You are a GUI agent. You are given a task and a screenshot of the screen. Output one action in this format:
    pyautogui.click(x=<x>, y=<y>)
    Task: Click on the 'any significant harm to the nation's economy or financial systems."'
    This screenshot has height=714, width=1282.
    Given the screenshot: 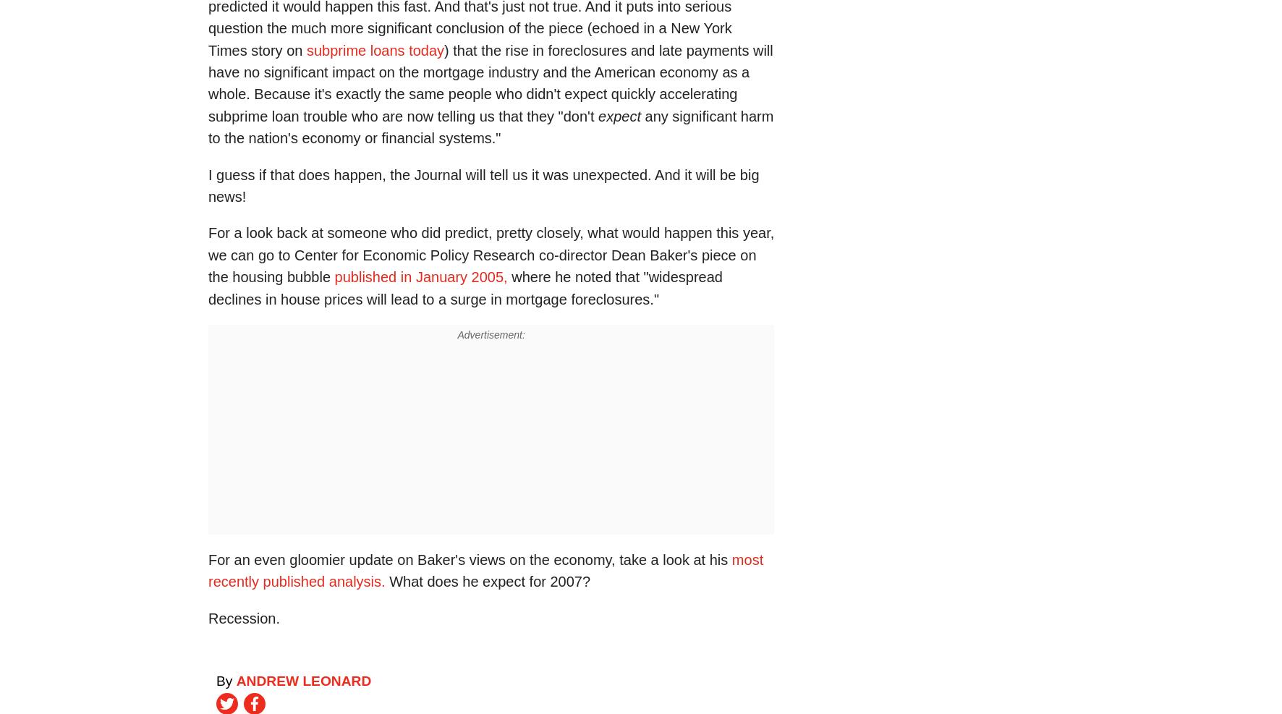 What is the action you would take?
    pyautogui.click(x=490, y=126)
    